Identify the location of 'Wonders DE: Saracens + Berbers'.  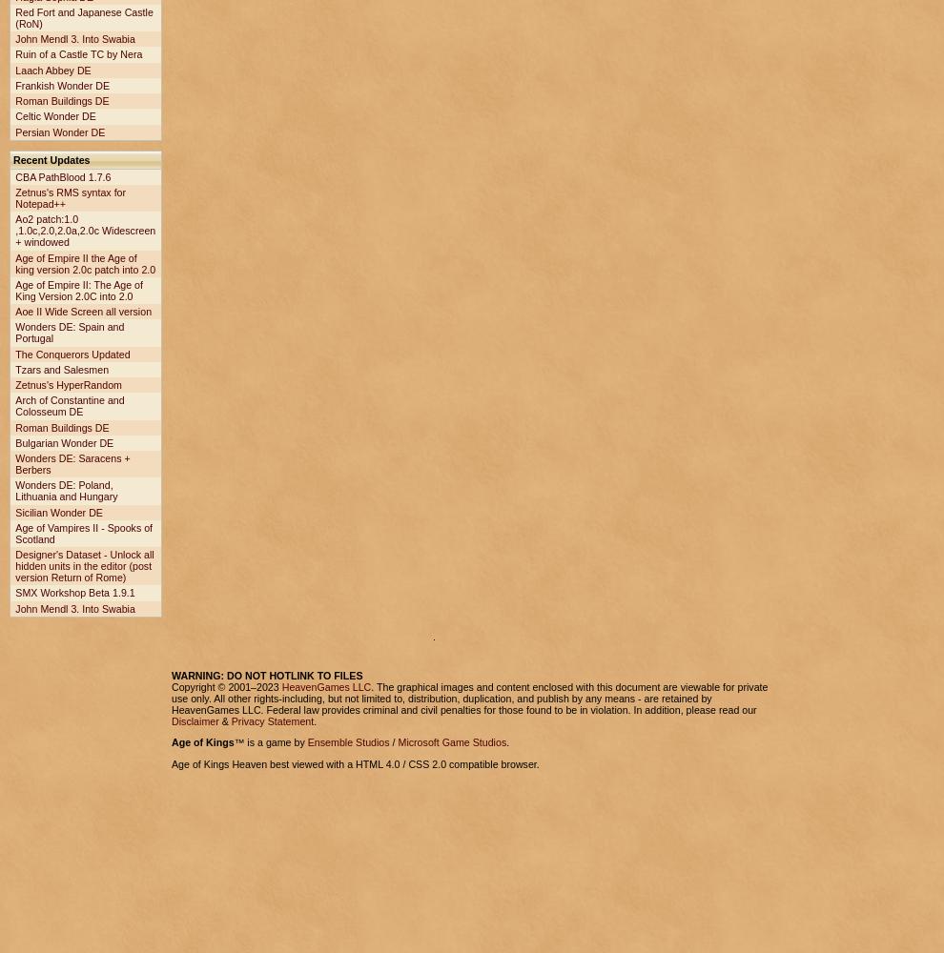
(72, 463).